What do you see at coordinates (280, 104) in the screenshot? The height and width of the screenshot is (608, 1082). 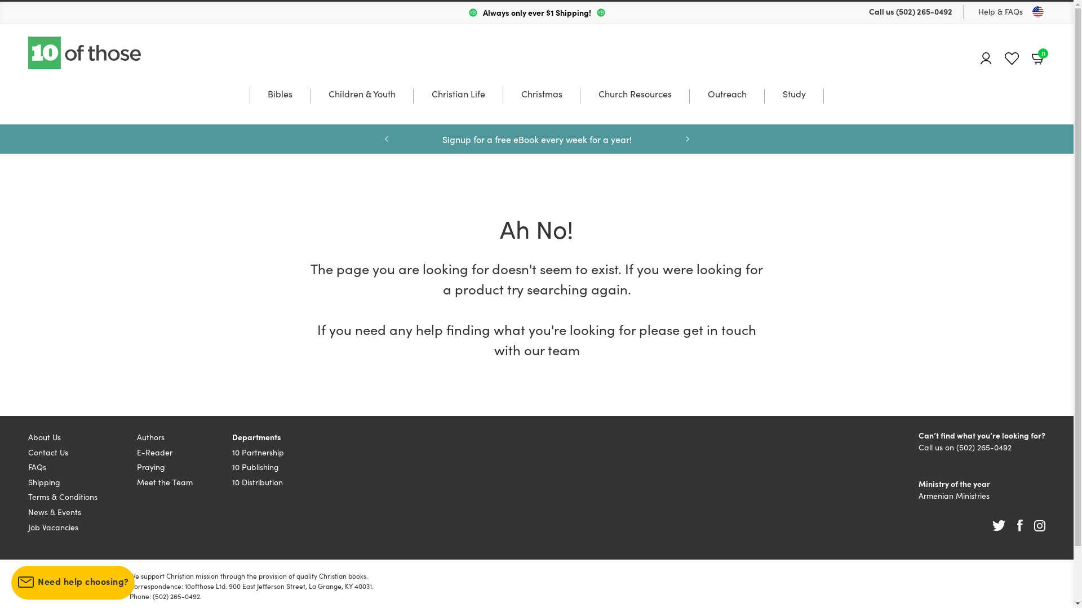 I see `'Bibles'` at bounding box center [280, 104].